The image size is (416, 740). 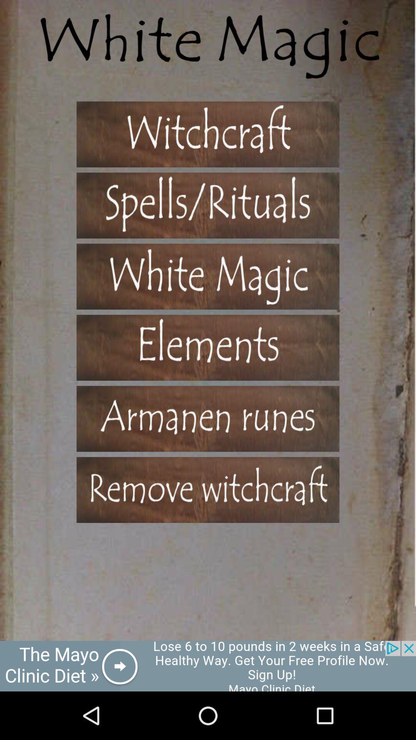 What do you see at coordinates (208, 418) in the screenshot?
I see `menu selection` at bounding box center [208, 418].